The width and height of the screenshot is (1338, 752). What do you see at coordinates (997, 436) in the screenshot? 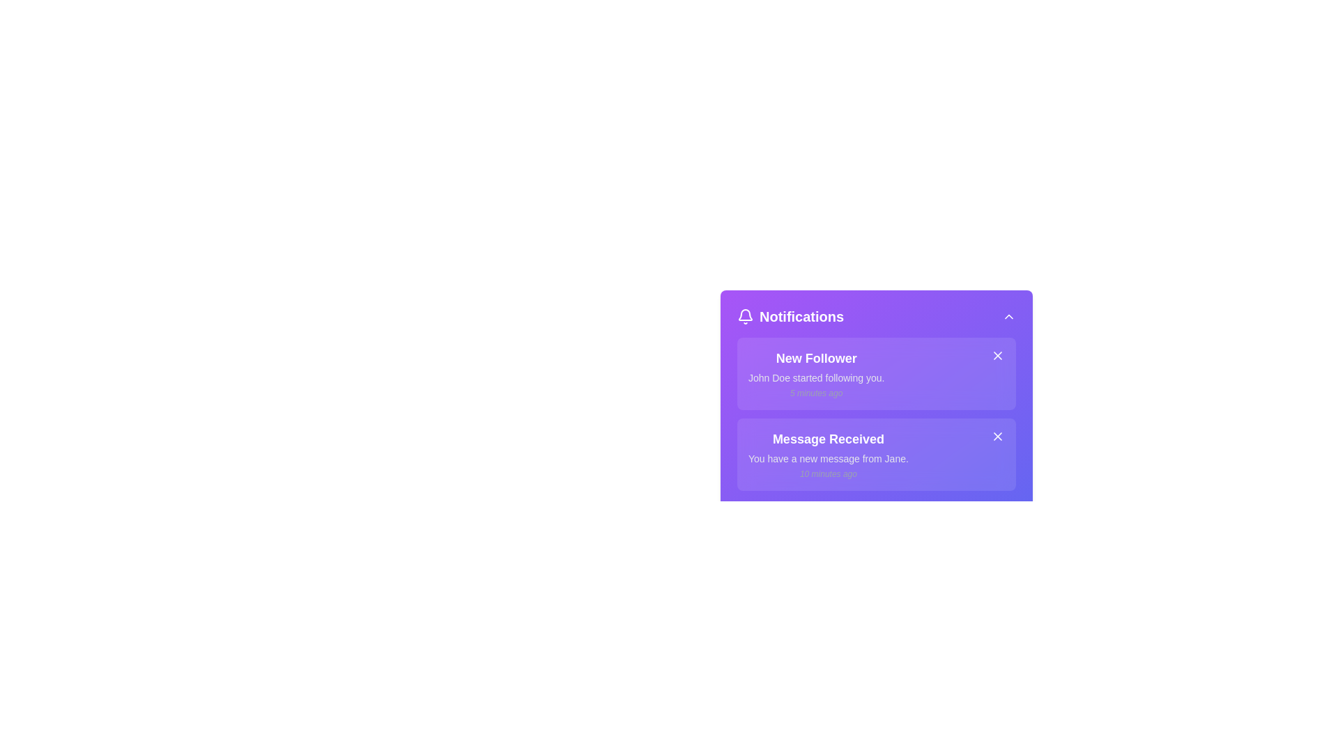
I see `the close button located at the top-right corner of the 'Message Received' notification card` at bounding box center [997, 436].